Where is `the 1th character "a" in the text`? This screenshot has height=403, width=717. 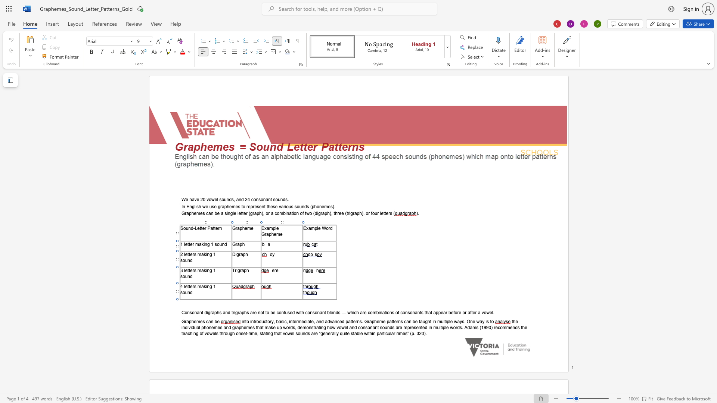 the 1th character "a" in the text is located at coordinates (317, 327).